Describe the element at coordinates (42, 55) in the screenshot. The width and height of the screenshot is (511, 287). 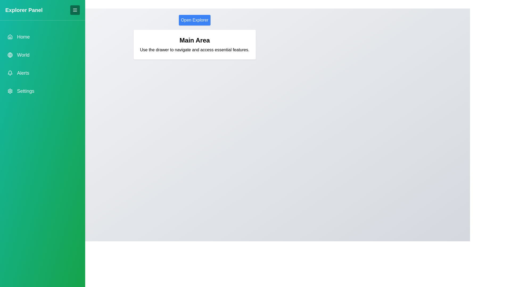
I see `the menu item World in the drawer to navigate to the corresponding section` at that location.